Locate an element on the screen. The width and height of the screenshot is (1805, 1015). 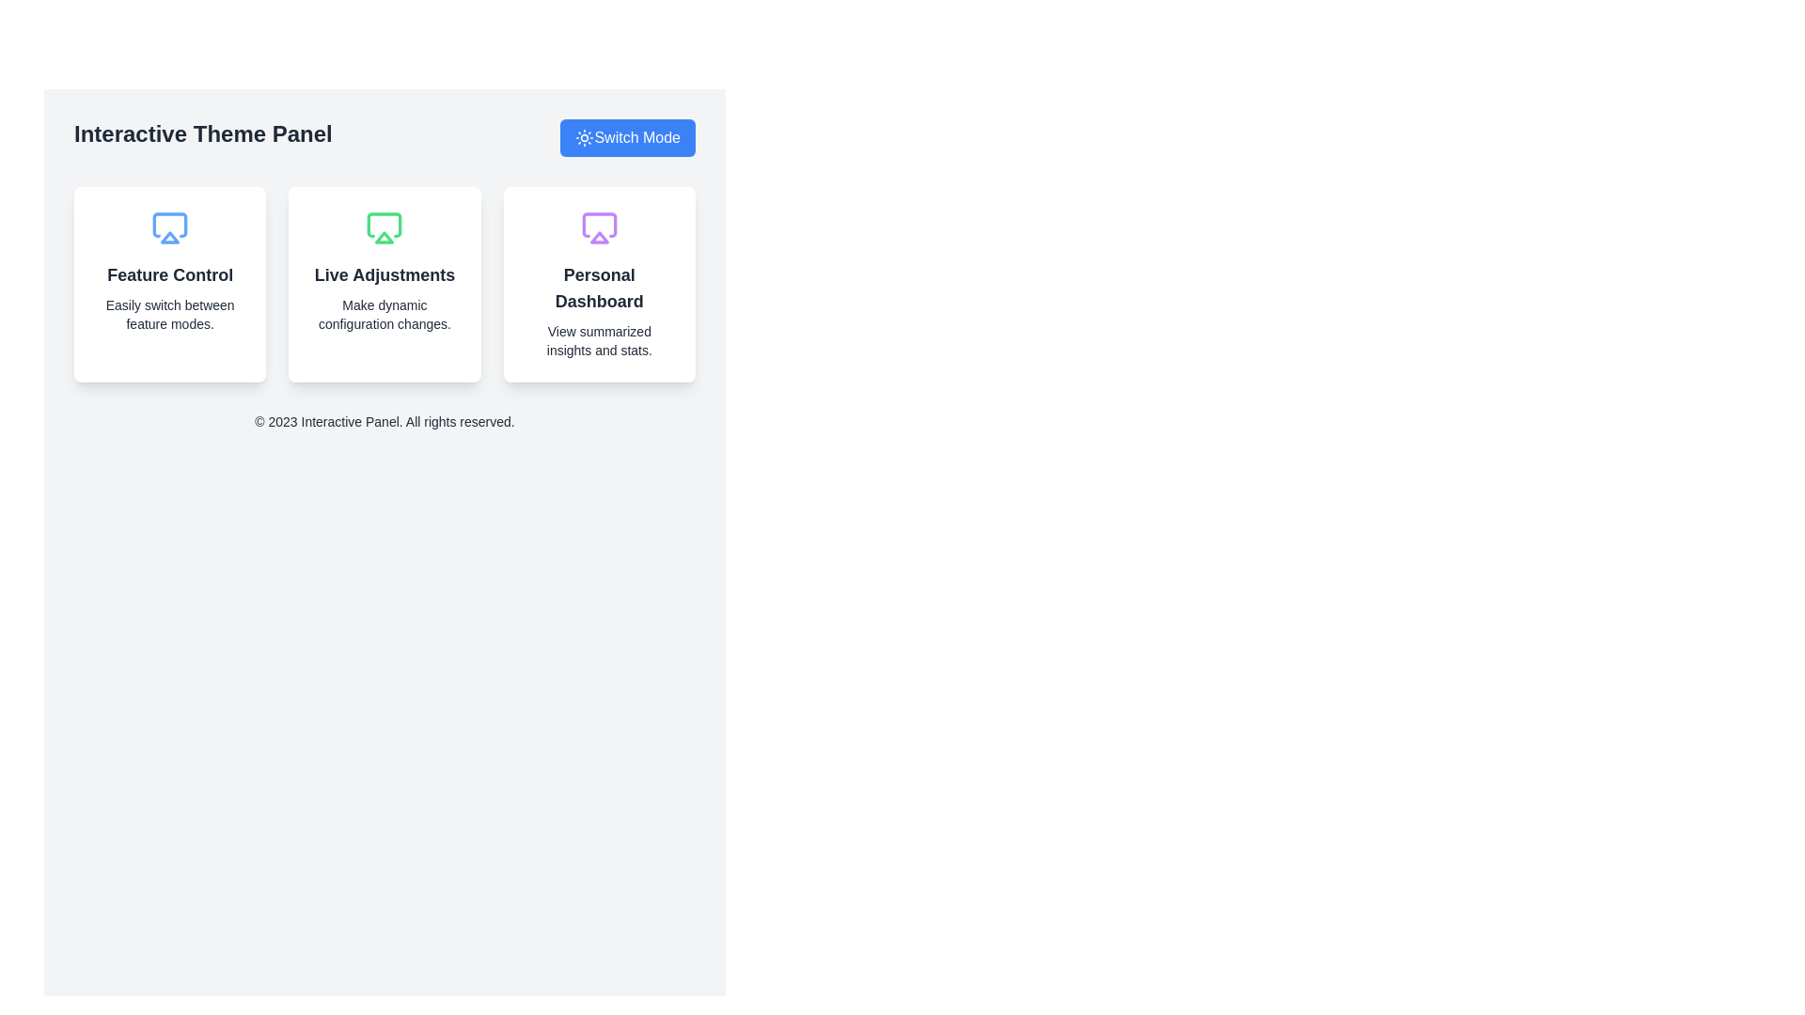
the third card in the dashboard that summarizes key insights and statistics to interact with it is located at coordinates (598, 285).